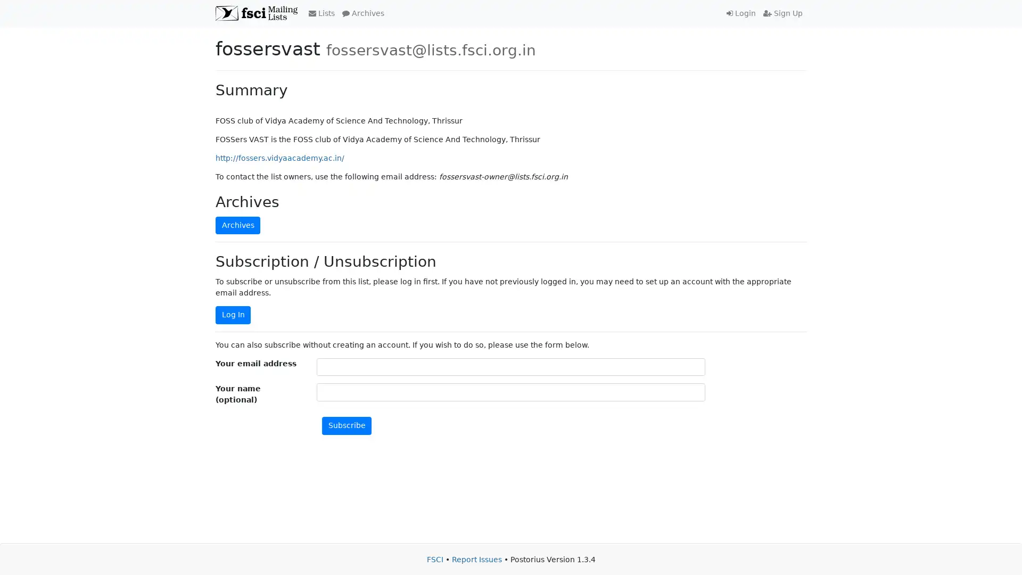  Describe the element at coordinates (347, 425) in the screenshot. I see `Subscribe` at that location.